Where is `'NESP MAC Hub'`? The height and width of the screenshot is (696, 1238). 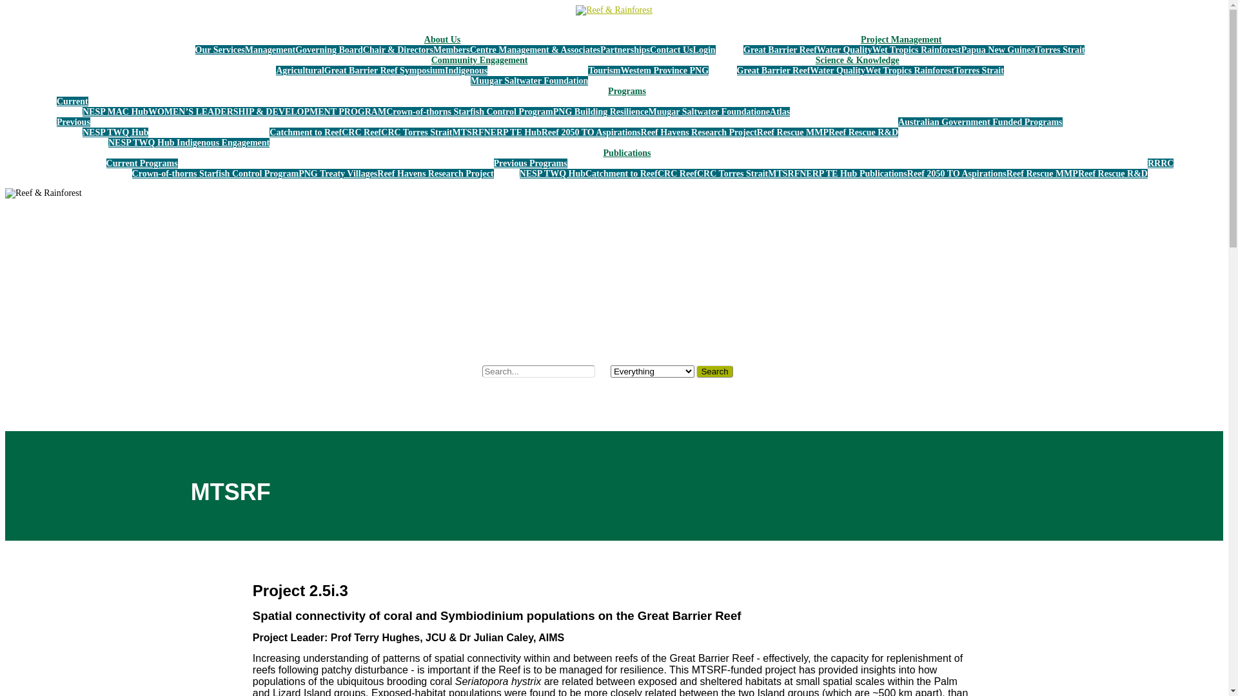
'NESP MAC Hub' is located at coordinates (115, 111).